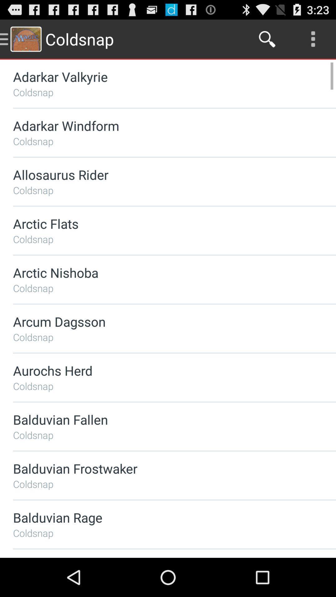 This screenshot has width=336, height=597. What do you see at coordinates (158, 558) in the screenshot?
I see `the balduvian warlord` at bounding box center [158, 558].